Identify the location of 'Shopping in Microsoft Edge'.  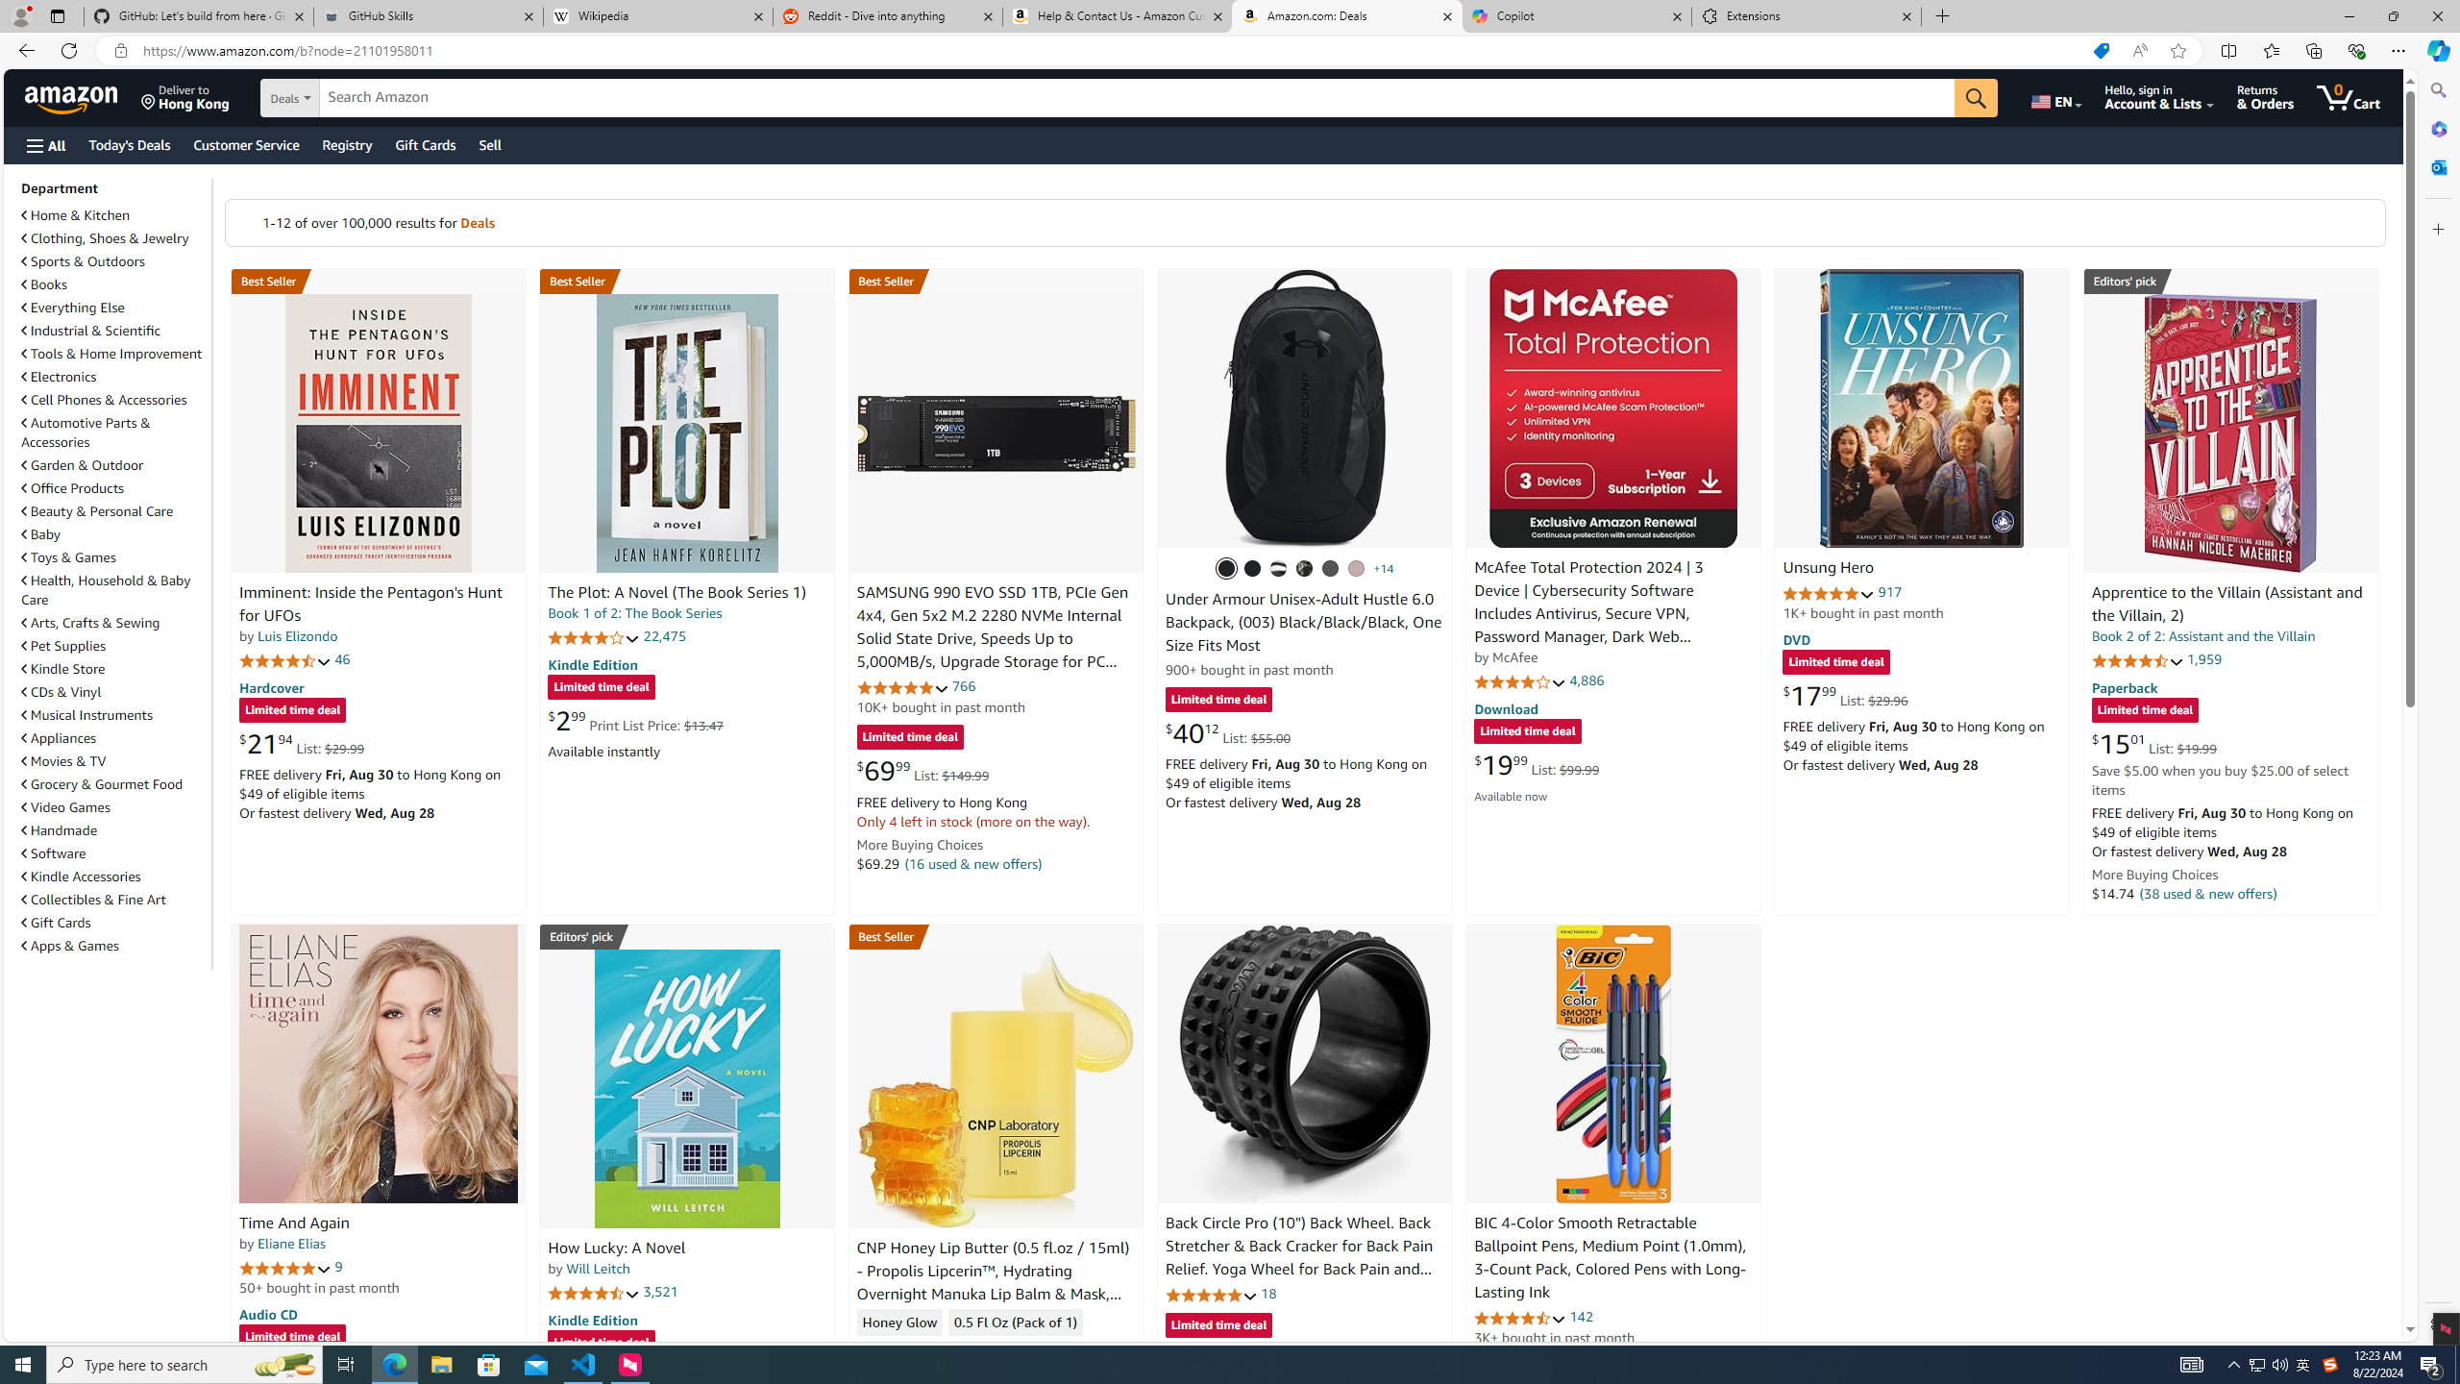
(2100, 51).